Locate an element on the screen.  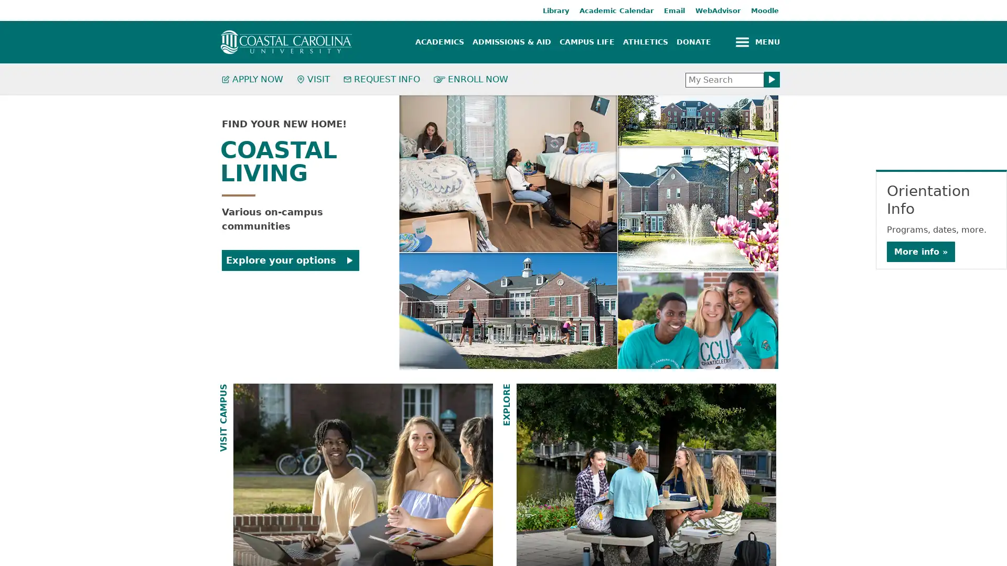
Submit is located at coordinates (772, 79).